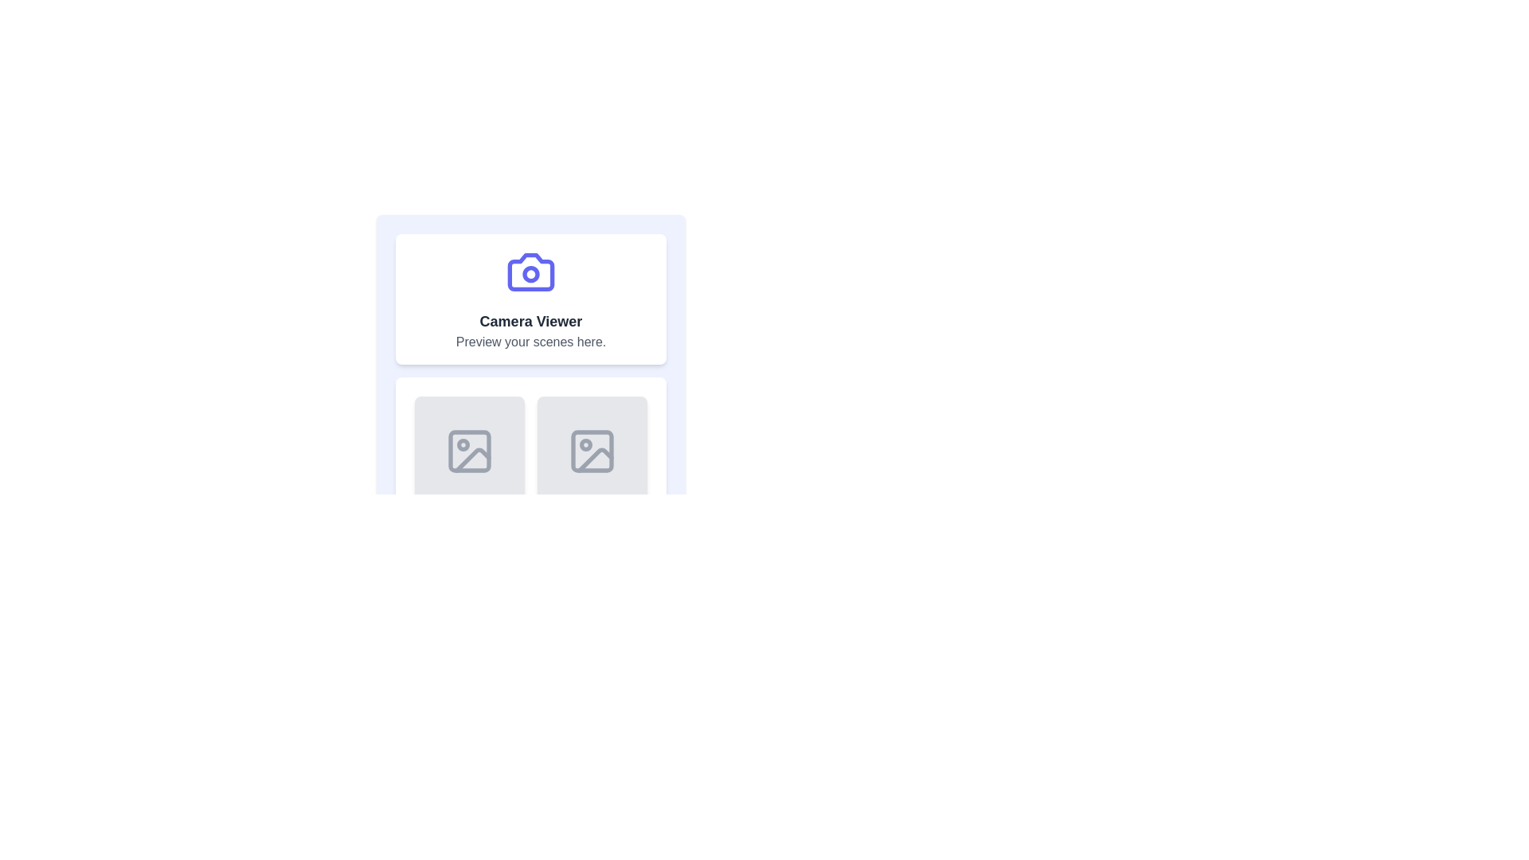 Image resolution: width=1529 pixels, height=860 pixels. Describe the element at coordinates (592, 451) in the screenshot. I see `the light gray square icon button with a rounded corner that resembles an image placeholder symbol` at that location.